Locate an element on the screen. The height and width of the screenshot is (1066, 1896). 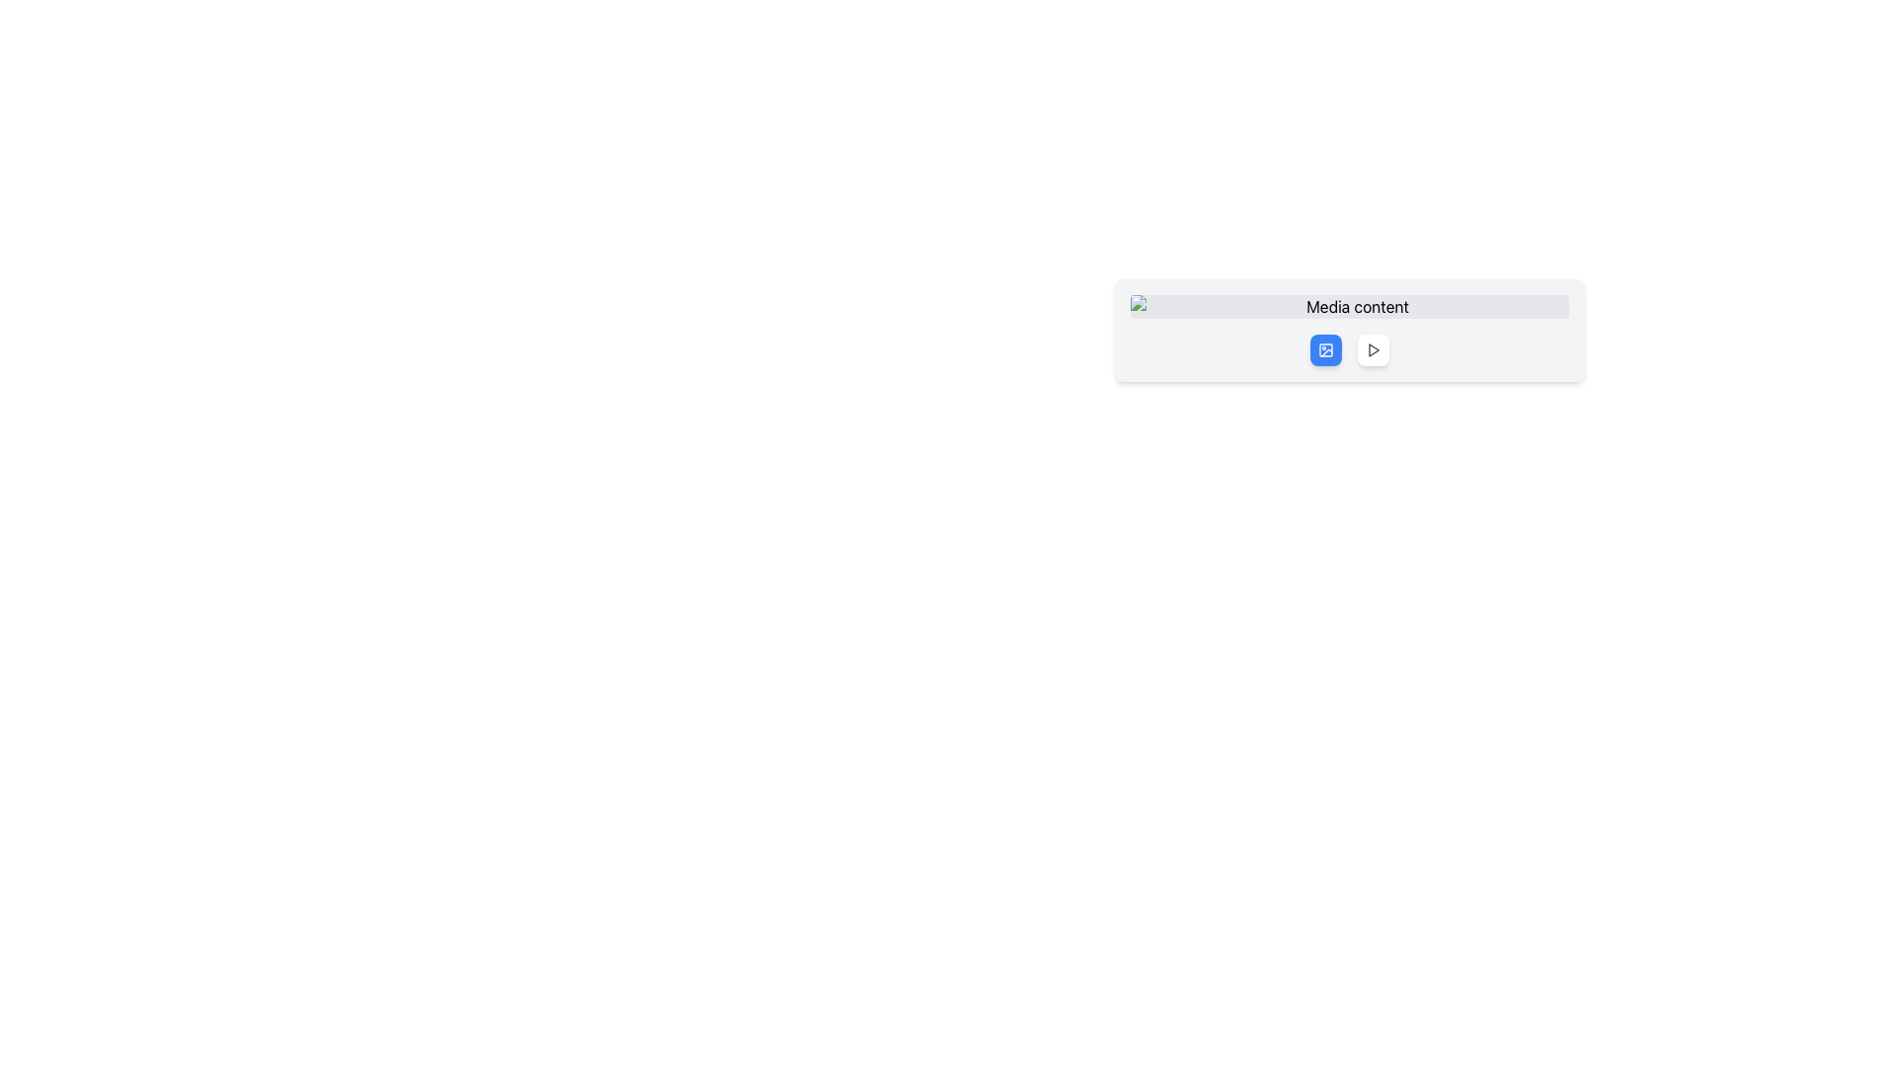
the small play button with a rounded white background and gray triangle, located below the title 'Media content', to trigger visual feedback is located at coordinates (1373, 348).